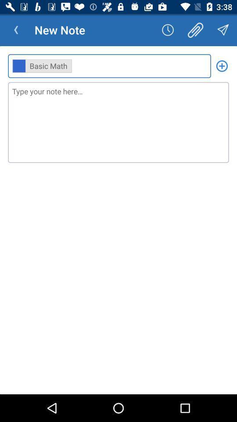 This screenshot has height=422, width=237. What do you see at coordinates (109, 65) in the screenshot?
I see `the ,,  item` at bounding box center [109, 65].